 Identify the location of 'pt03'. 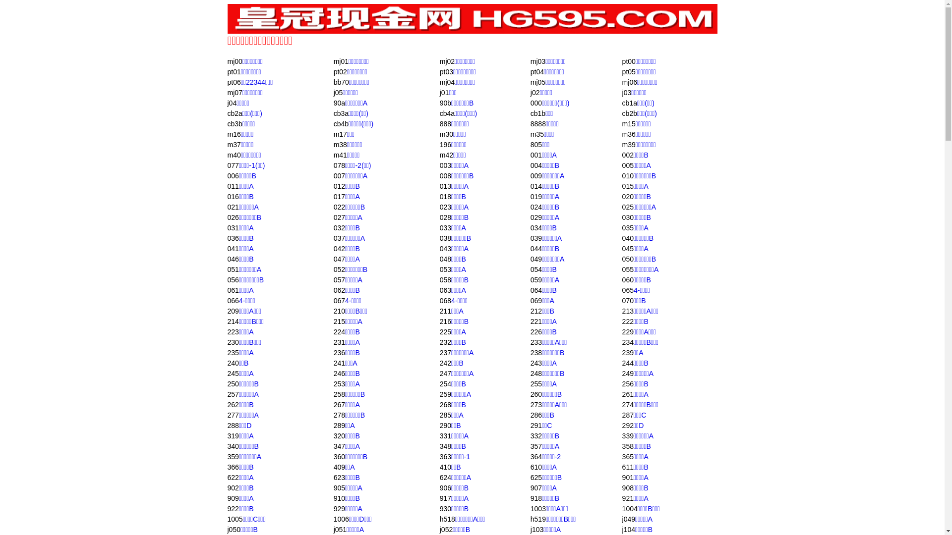
(446, 71).